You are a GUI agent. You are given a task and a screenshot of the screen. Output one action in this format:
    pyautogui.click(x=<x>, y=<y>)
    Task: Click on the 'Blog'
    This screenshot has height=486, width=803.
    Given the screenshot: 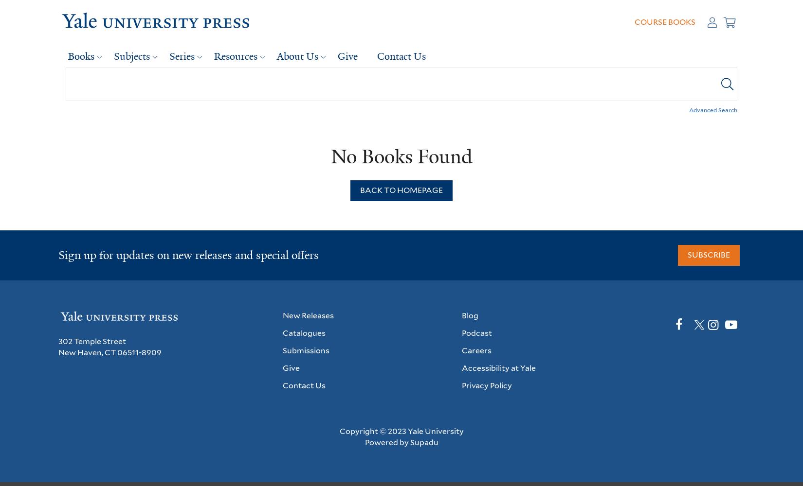 What is the action you would take?
    pyautogui.click(x=470, y=315)
    